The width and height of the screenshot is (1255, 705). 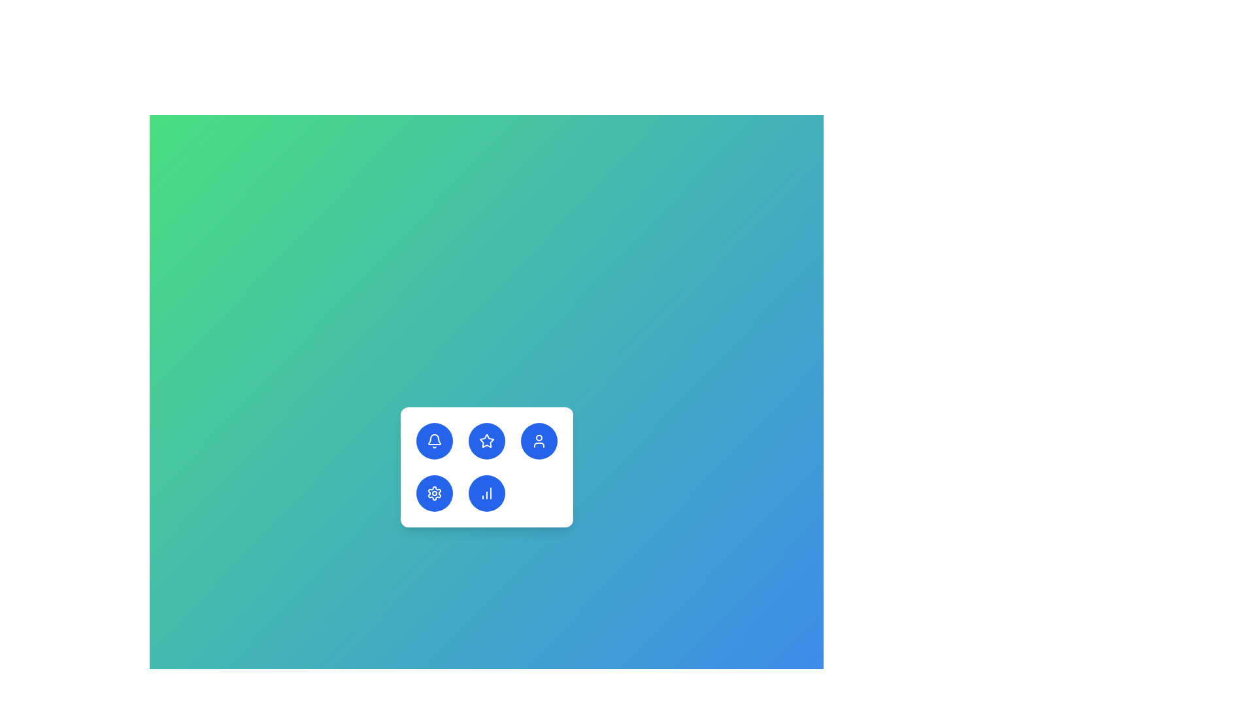 I want to click on the settings button located in the bottom-left slot of the grid layout, so click(x=434, y=493).